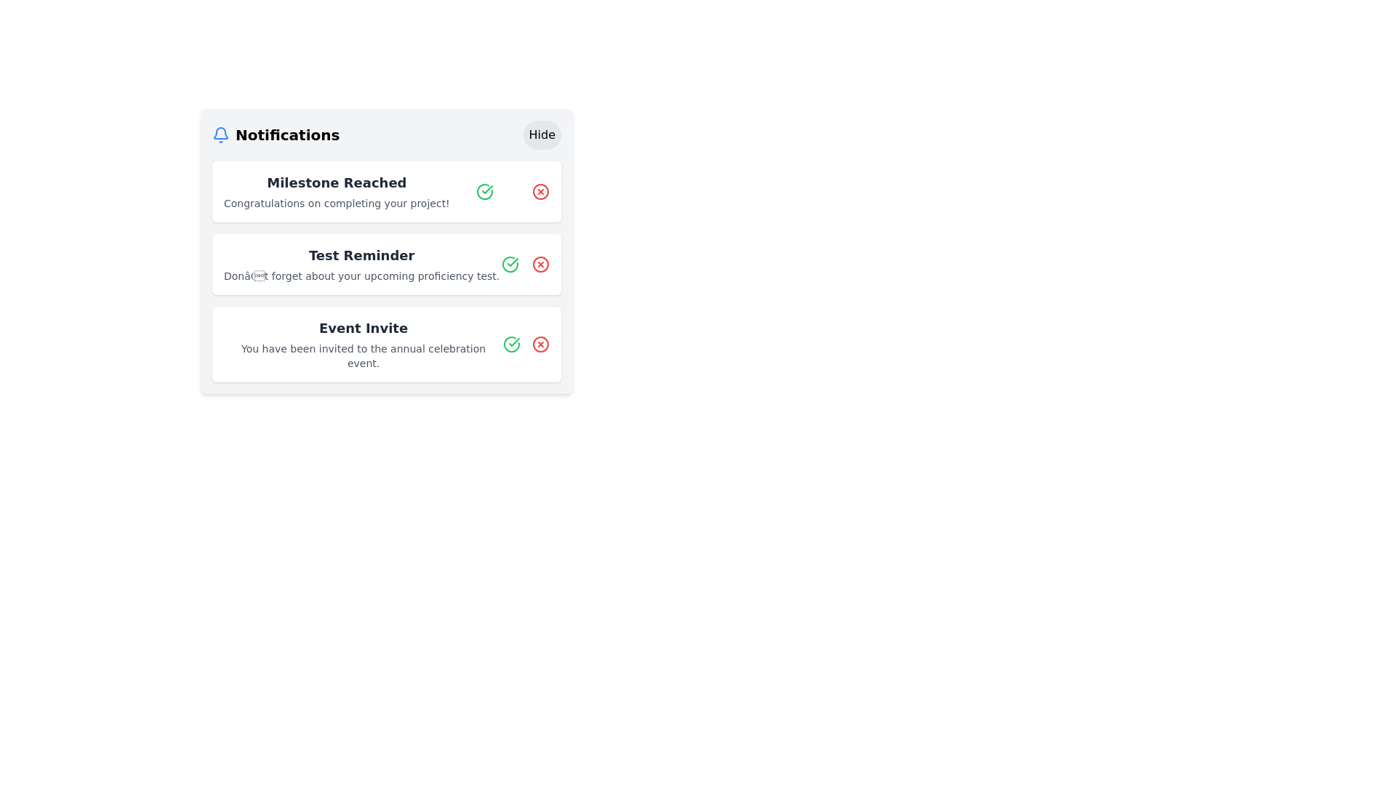 Image resolution: width=1396 pixels, height=785 pixels. Describe the element at coordinates (540, 264) in the screenshot. I see `the dismiss button located to the right of the text 'Test Reminder'` at that location.